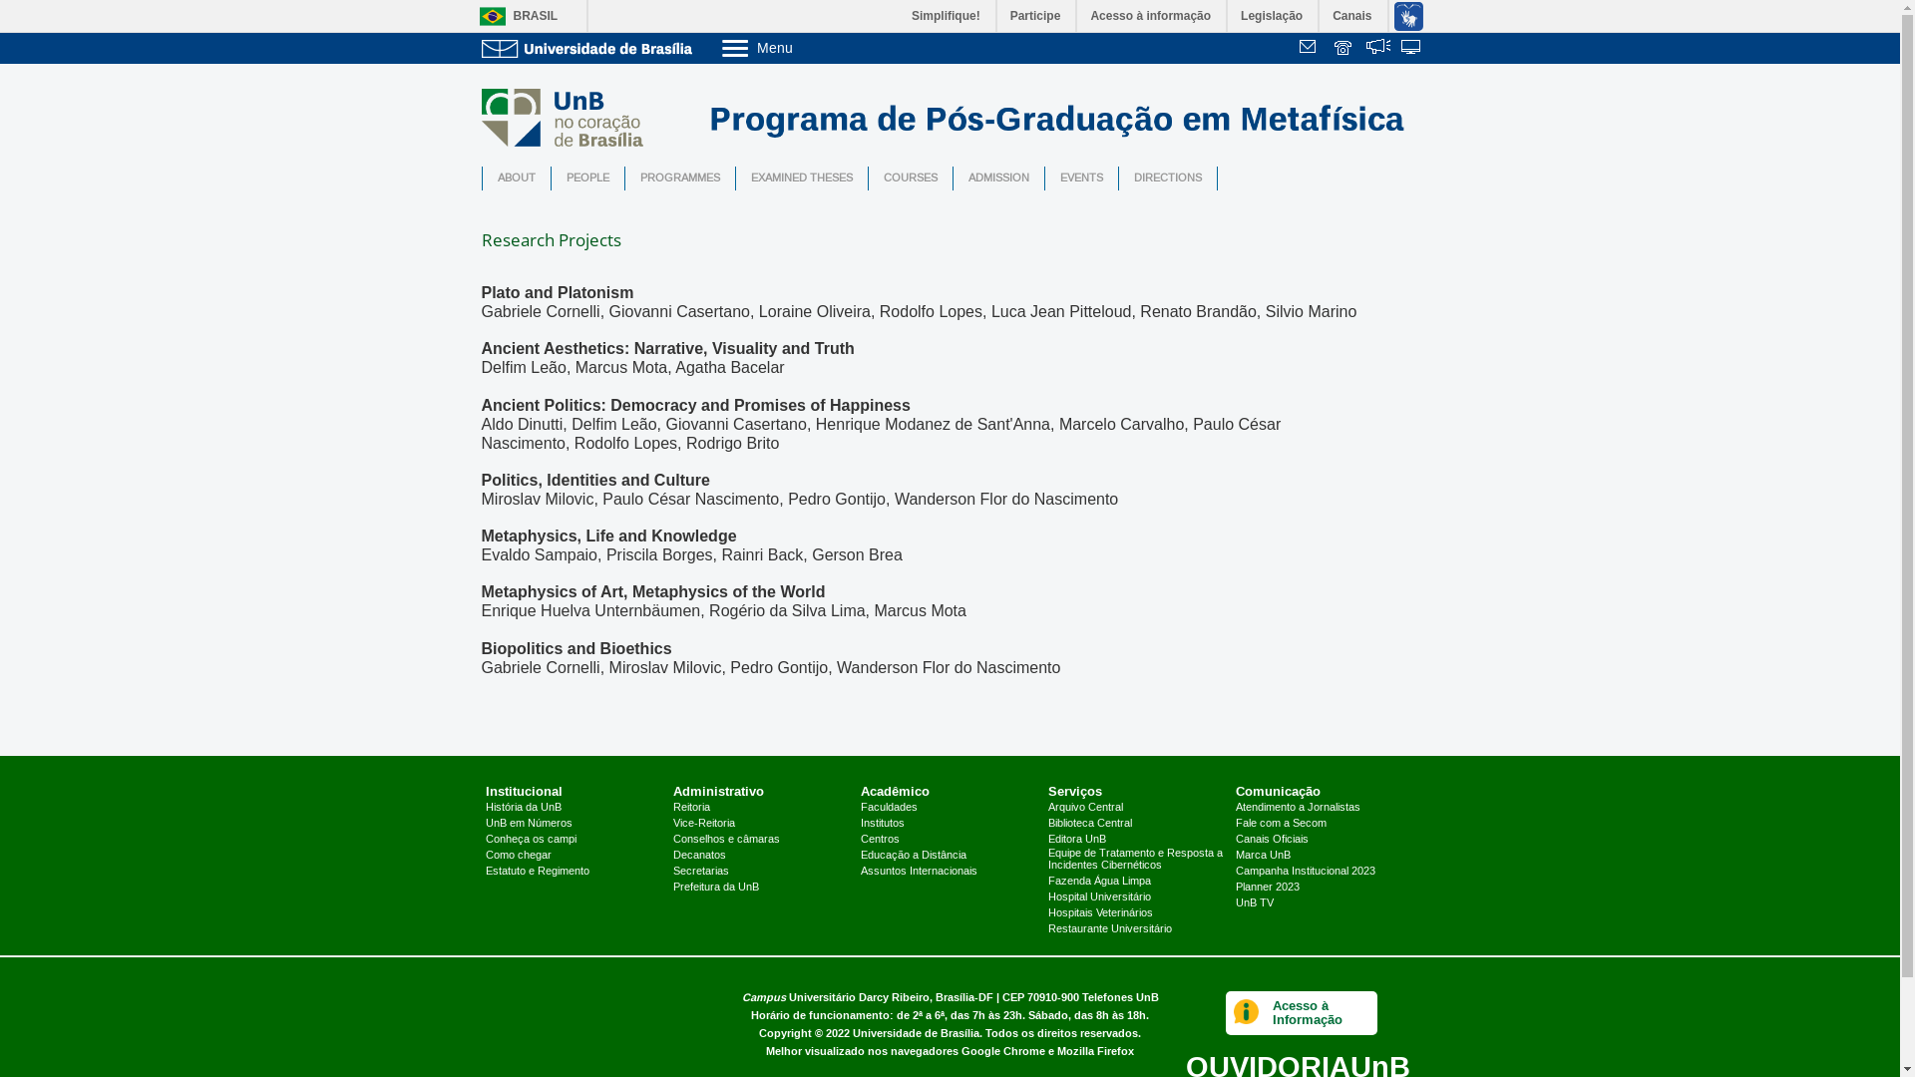 The height and width of the screenshot is (1077, 1915). Describe the element at coordinates (881, 823) in the screenshot. I see `'Institutos'` at that location.